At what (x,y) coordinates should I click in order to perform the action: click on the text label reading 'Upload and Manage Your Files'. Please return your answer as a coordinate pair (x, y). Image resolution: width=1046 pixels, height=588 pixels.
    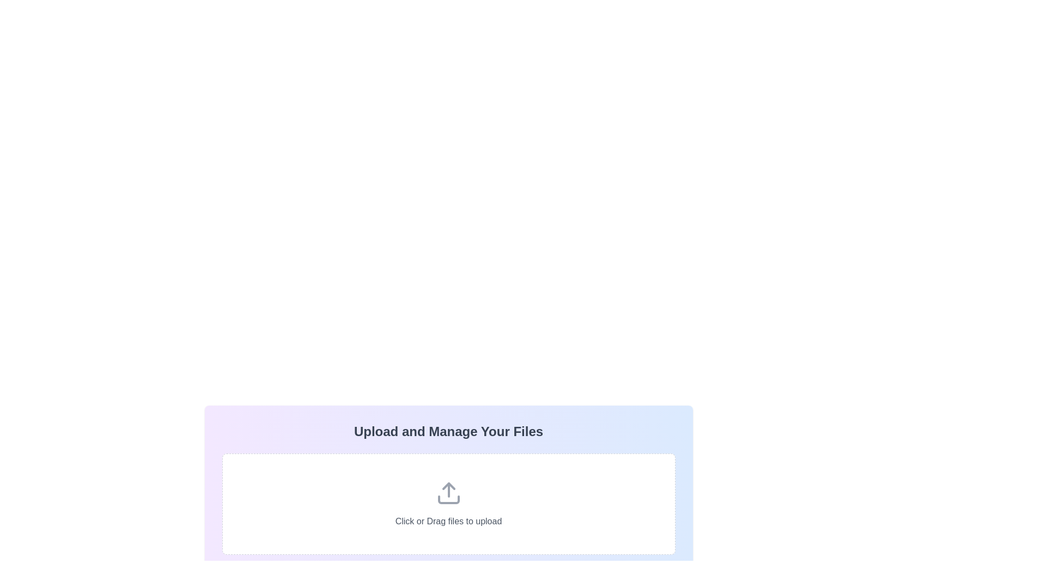
    Looking at the image, I should click on (448, 431).